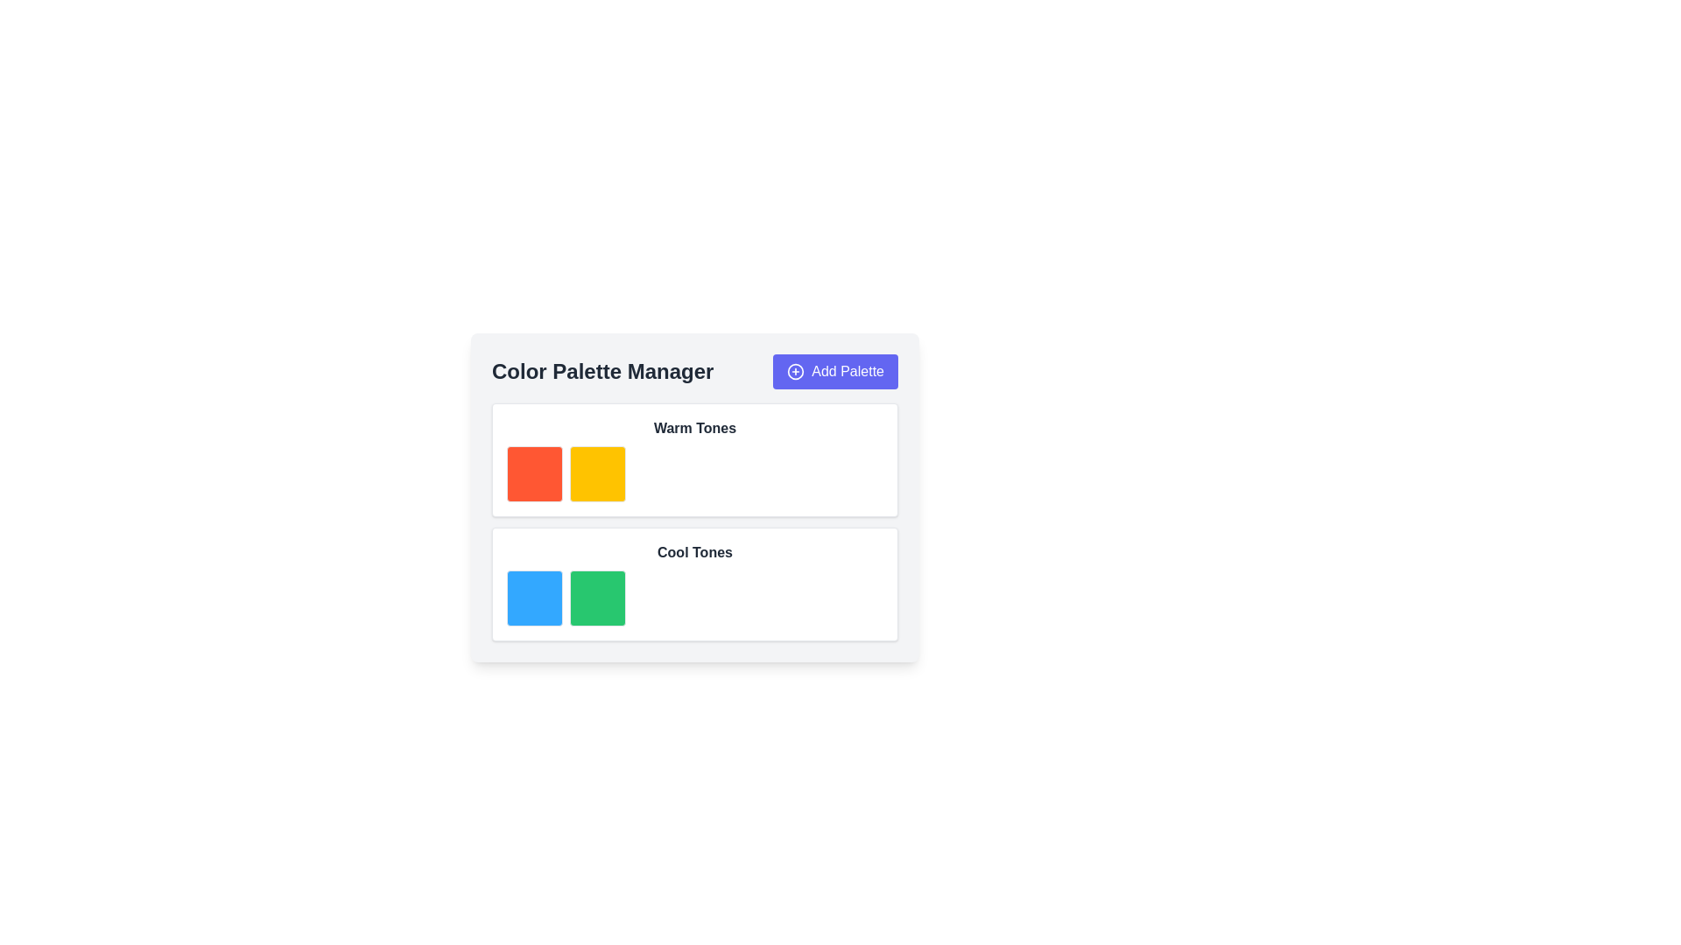  What do you see at coordinates (848, 370) in the screenshot?
I see `the Text label that indicates the purpose of the button to add a new palette, located in the upper right corner of the 'Color Palette Manager' section` at bounding box center [848, 370].